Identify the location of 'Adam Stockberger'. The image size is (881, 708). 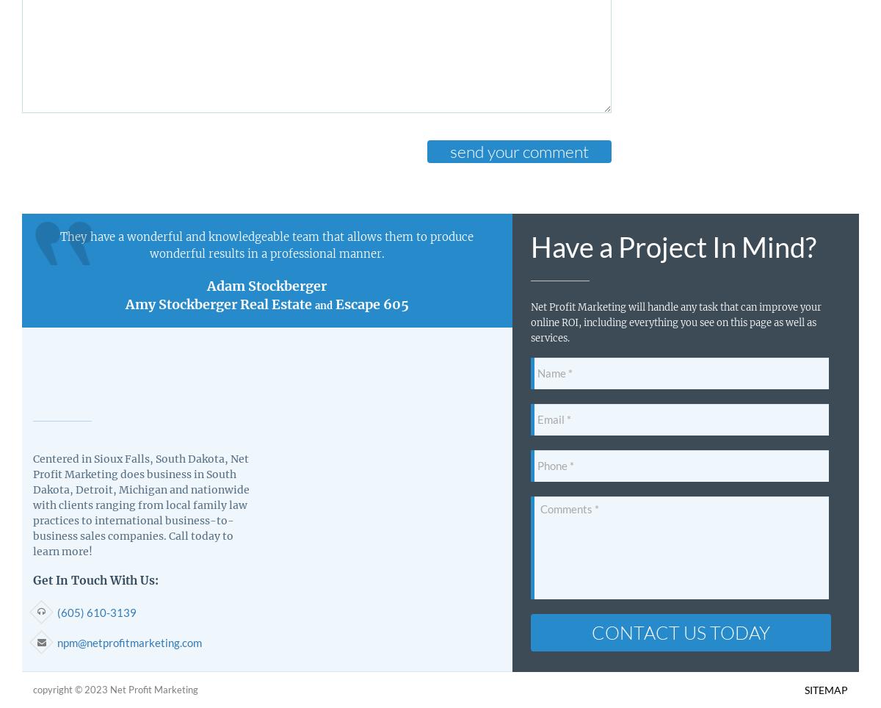
(267, 285).